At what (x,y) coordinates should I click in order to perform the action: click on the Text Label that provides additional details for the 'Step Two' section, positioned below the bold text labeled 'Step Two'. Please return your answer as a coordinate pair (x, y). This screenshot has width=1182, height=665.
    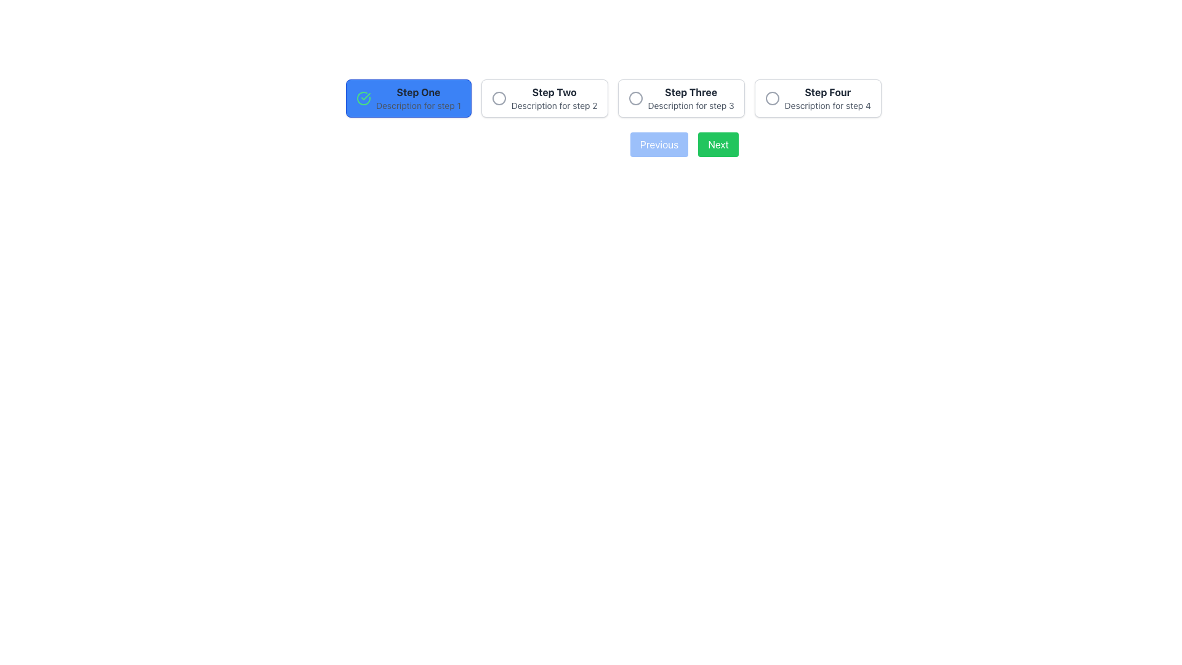
    Looking at the image, I should click on (553, 105).